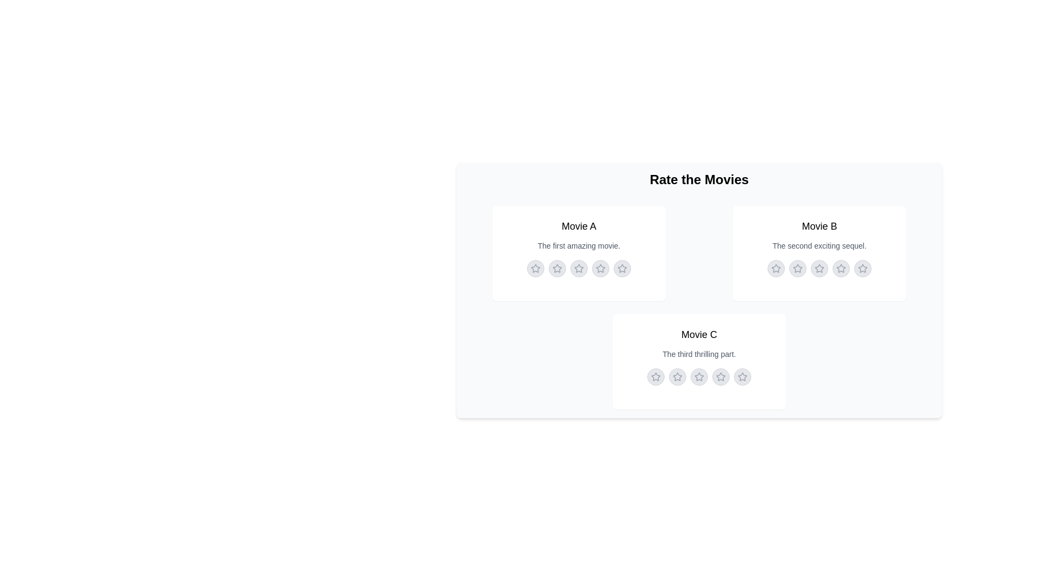 This screenshot has width=1040, height=585. What do you see at coordinates (578, 268) in the screenshot?
I see `the third star icon in the horizontal row of five stars located below the 'Movie A' box in the 'Rate the Movies' section` at bounding box center [578, 268].